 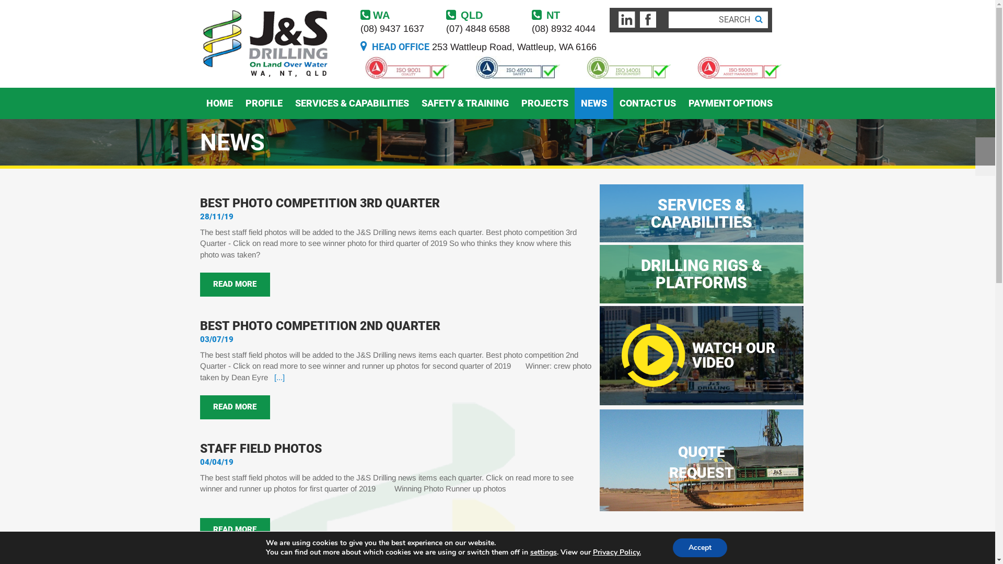 What do you see at coordinates (702, 273) in the screenshot?
I see `'DRILLING RIGS & PLATFORMS'` at bounding box center [702, 273].